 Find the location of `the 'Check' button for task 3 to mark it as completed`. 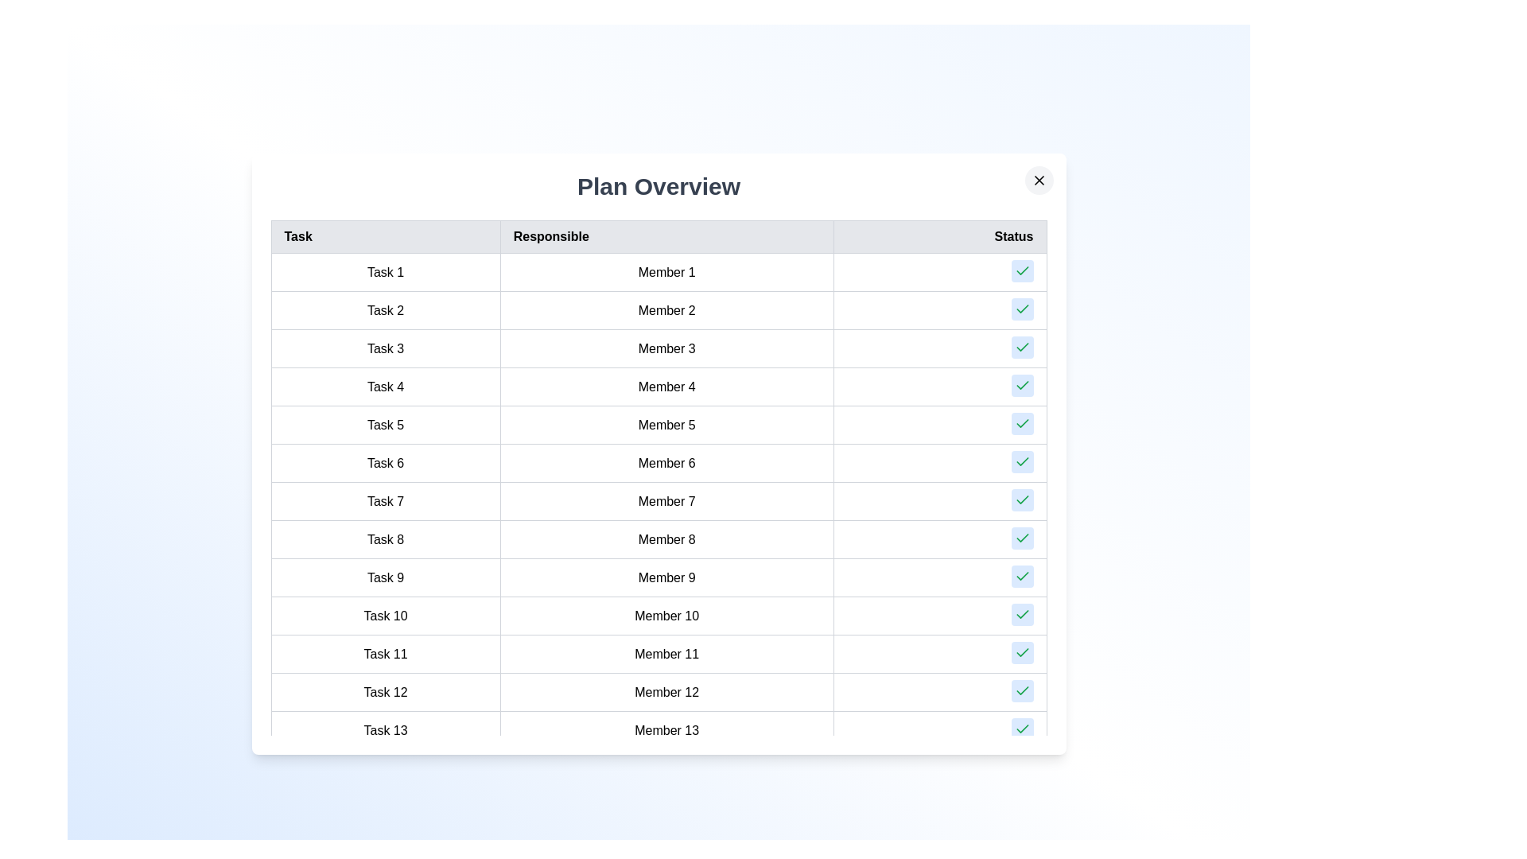

the 'Check' button for task 3 to mark it as completed is located at coordinates (1022, 346).